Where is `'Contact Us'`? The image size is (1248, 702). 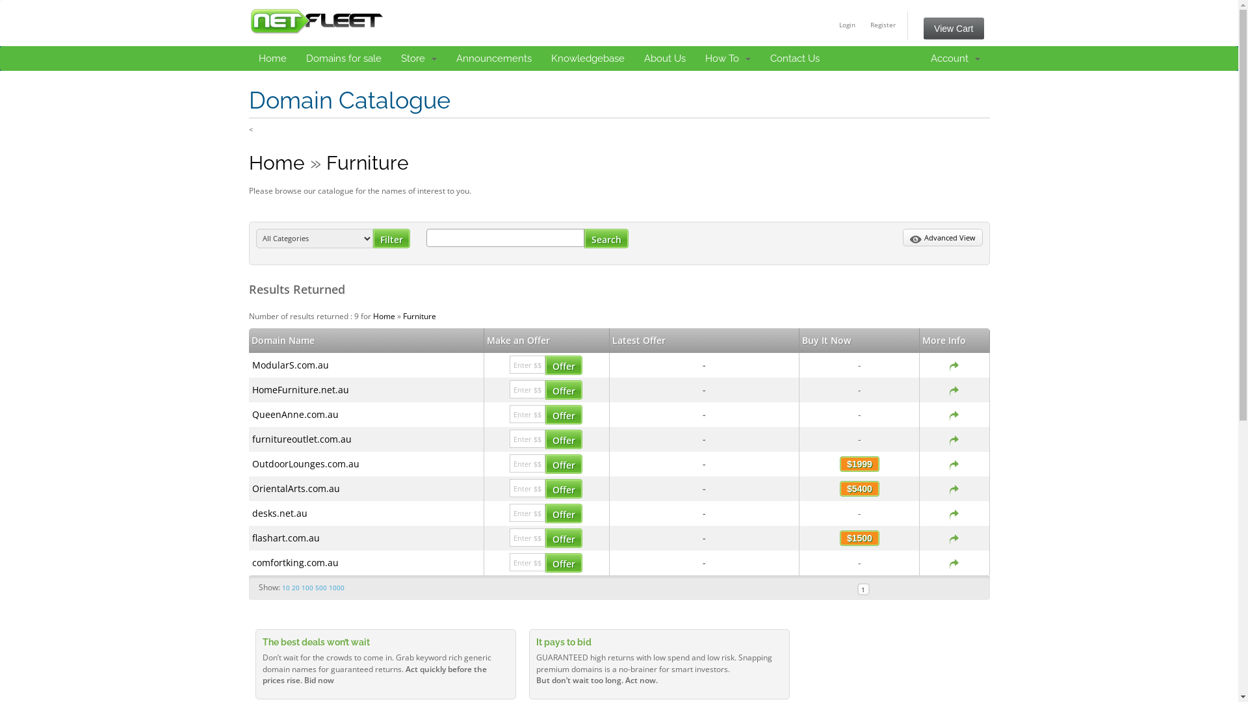
'Contact Us' is located at coordinates (794, 57).